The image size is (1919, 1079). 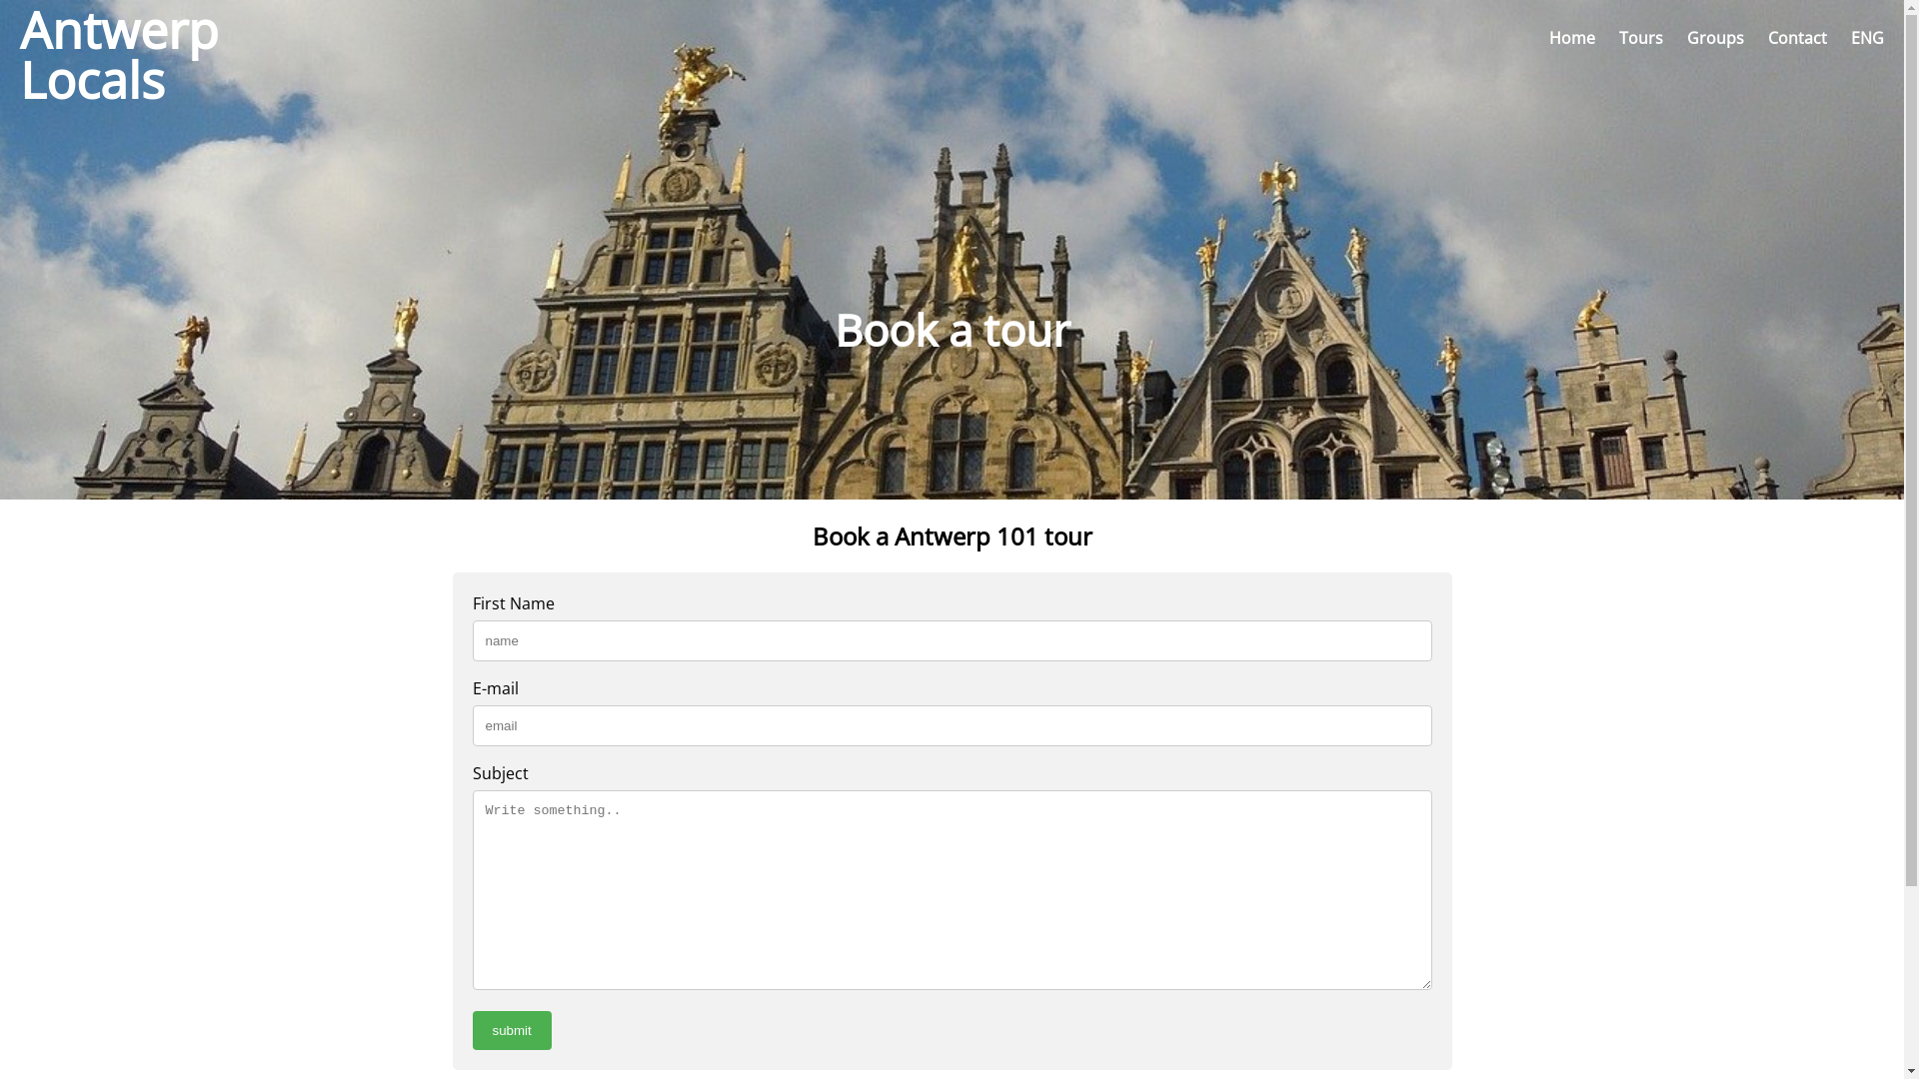 I want to click on 'Contact', so click(x=1768, y=38).